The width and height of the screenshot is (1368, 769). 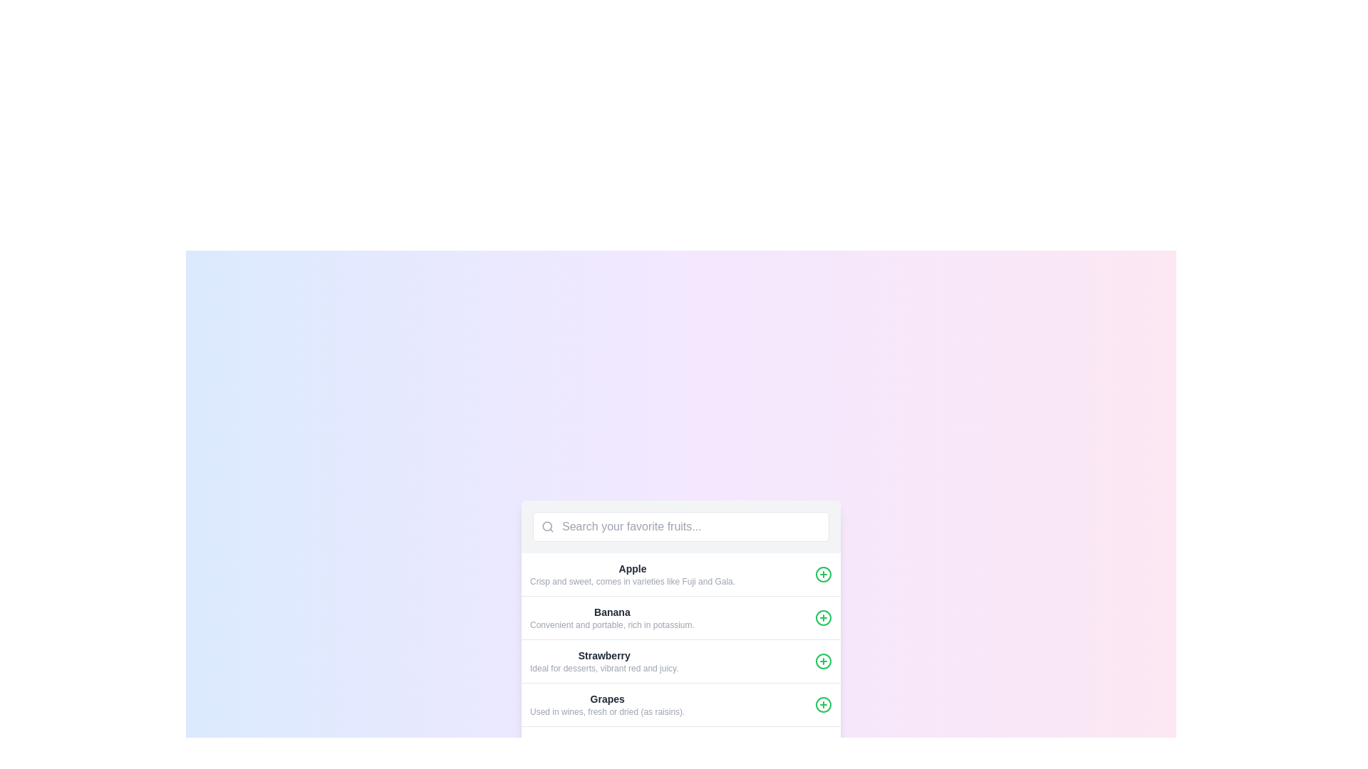 What do you see at coordinates (612, 617) in the screenshot?
I see `information about the fruit 'Banana' from the textual list item located below 'Apple' and above 'Strawberry'` at bounding box center [612, 617].